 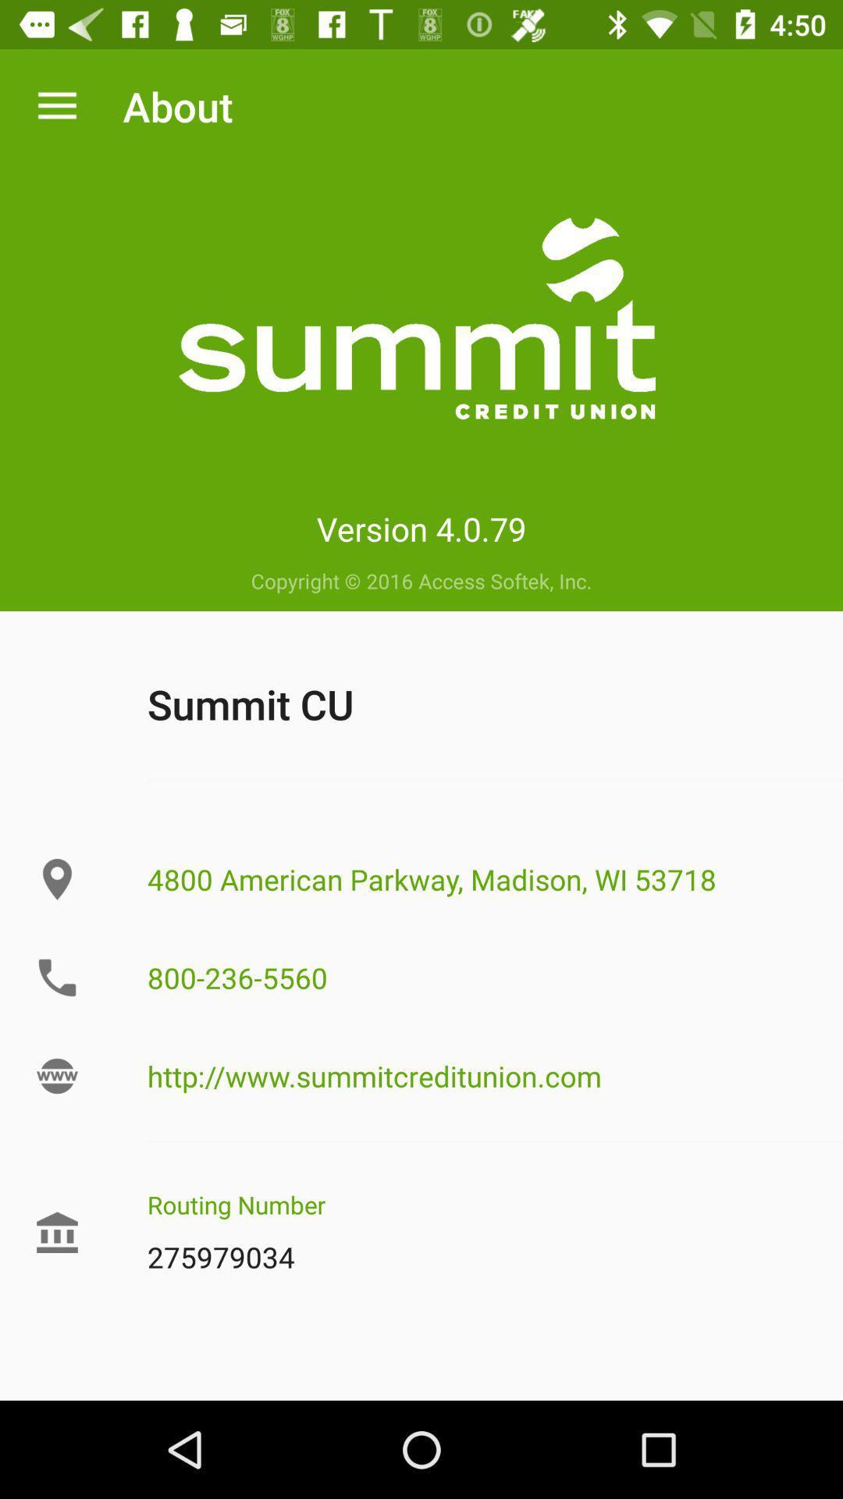 What do you see at coordinates (56, 105) in the screenshot?
I see `icon next to the about icon` at bounding box center [56, 105].